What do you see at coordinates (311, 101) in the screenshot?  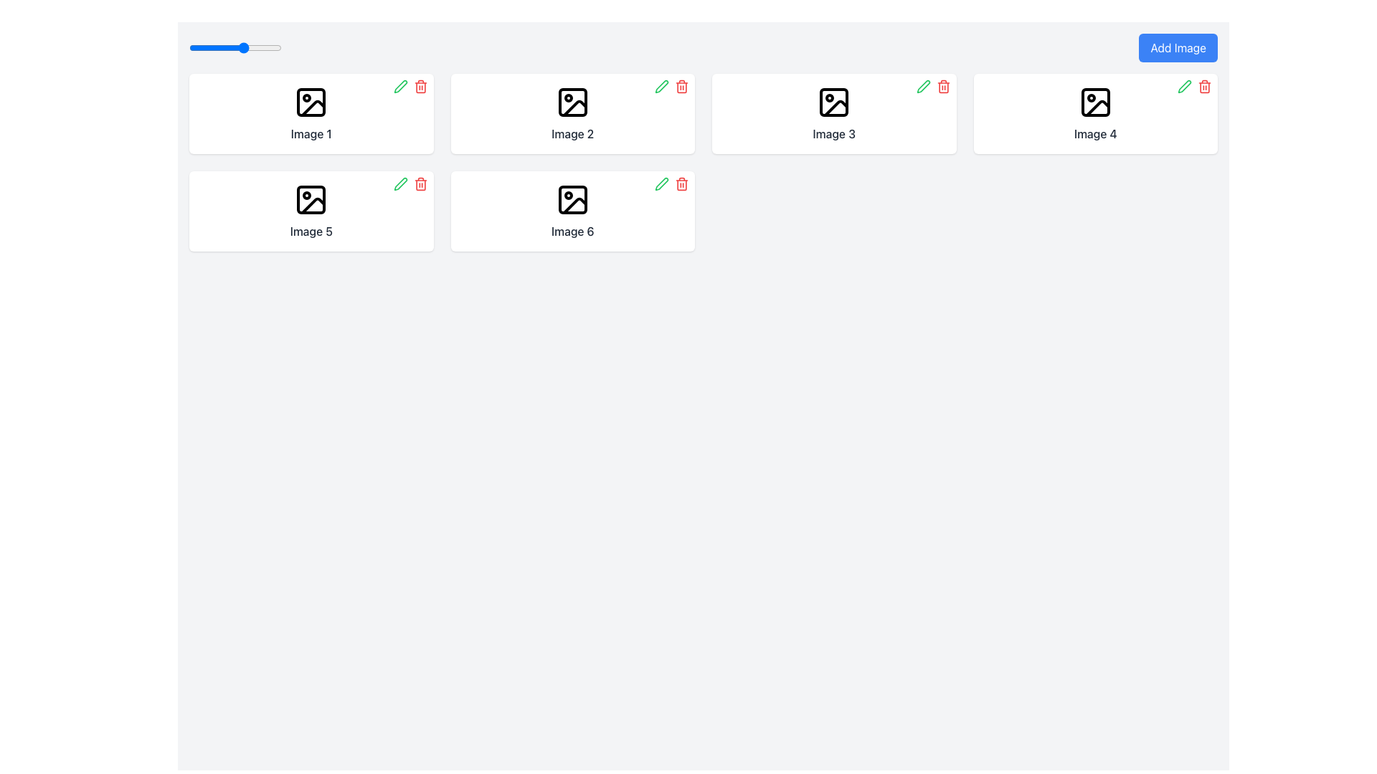 I see `the decorative shape within the image icon located in the top left corner of the 'Image 1' card in the grid` at bounding box center [311, 101].